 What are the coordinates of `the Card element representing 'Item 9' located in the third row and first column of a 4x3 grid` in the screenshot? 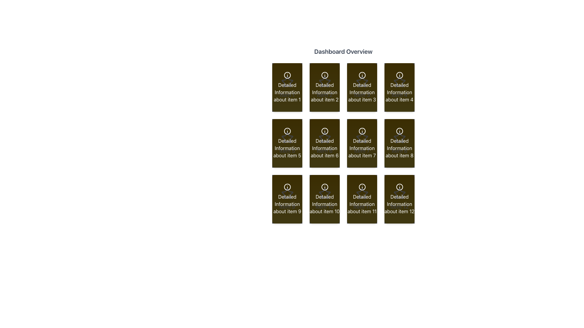 It's located at (287, 199).